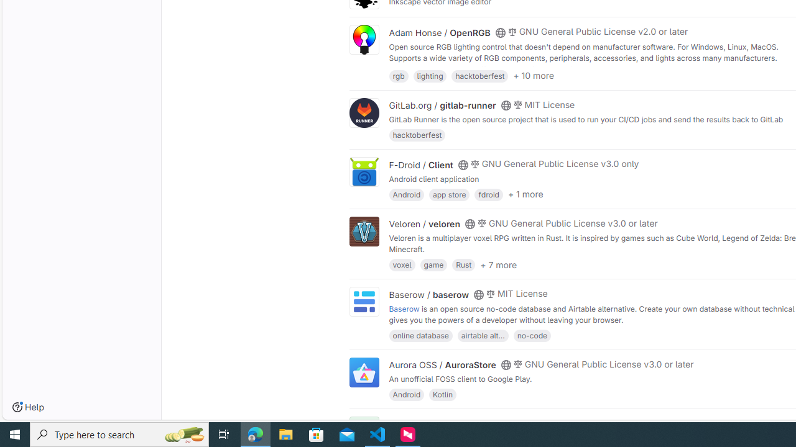 The width and height of the screenshot is (796, 447). Describe the element at coordinates (532, 334) in the screenshot. I see `'no-code'` at that location.